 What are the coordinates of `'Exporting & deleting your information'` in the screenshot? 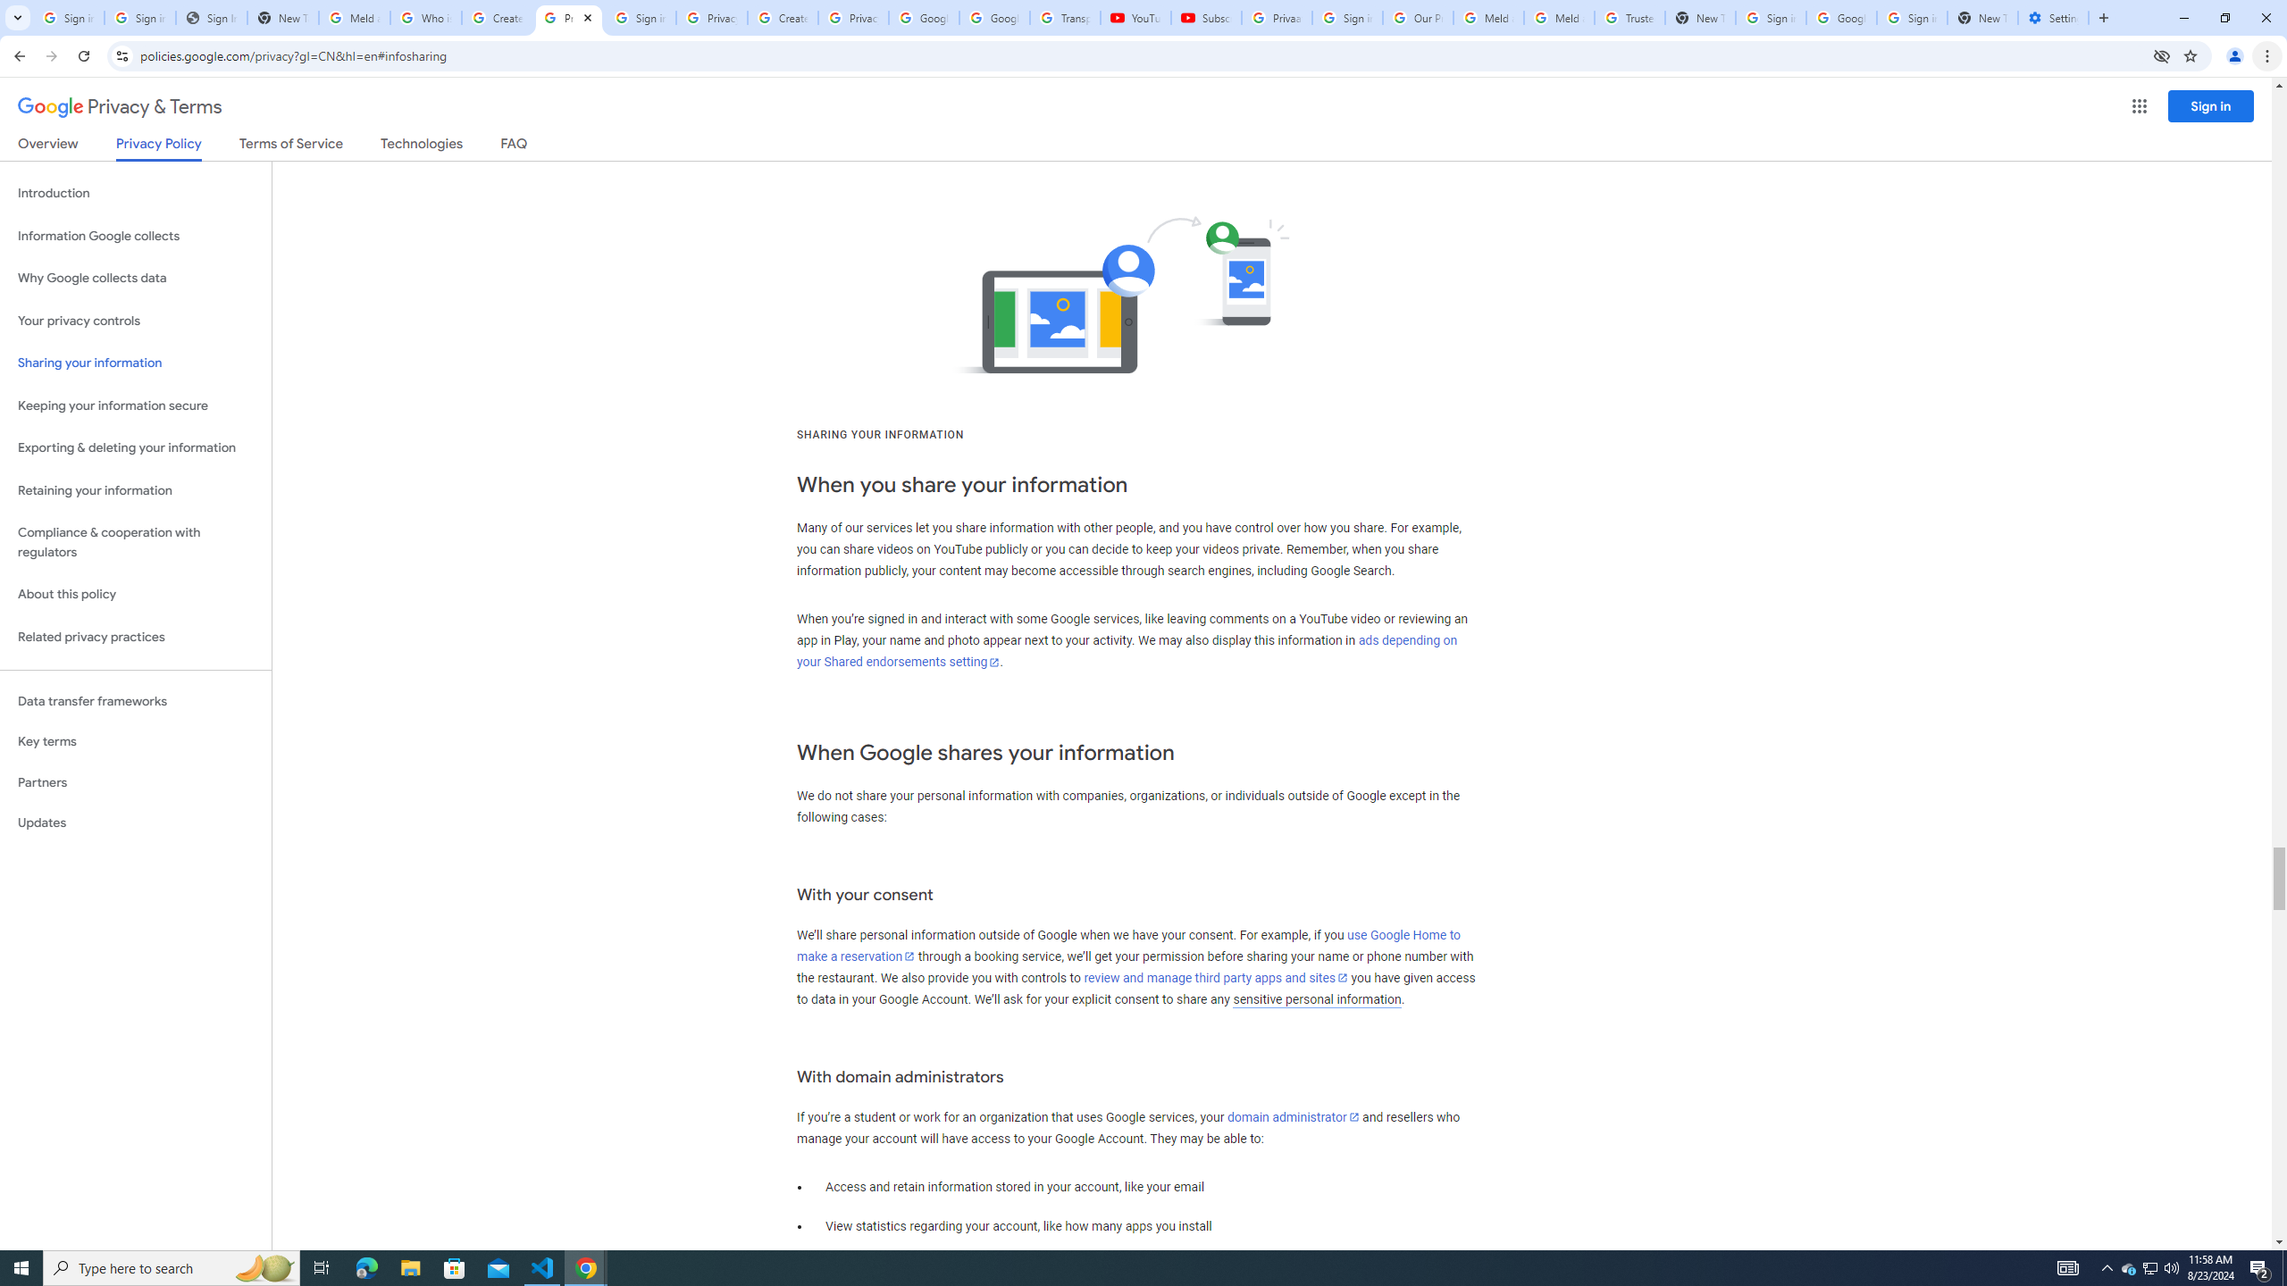 It's located at (135, 447).